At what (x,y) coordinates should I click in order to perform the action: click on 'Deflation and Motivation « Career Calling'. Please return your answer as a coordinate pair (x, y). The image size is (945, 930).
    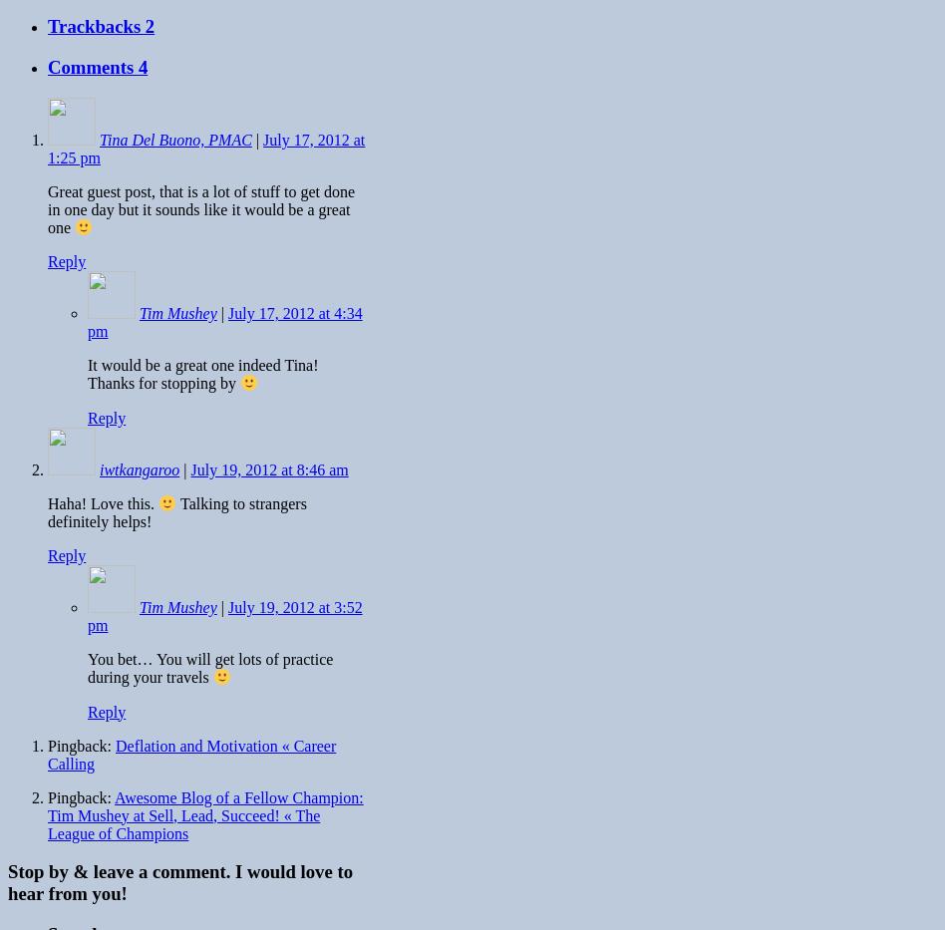
    Looking at the image, I should click on (190, 753).